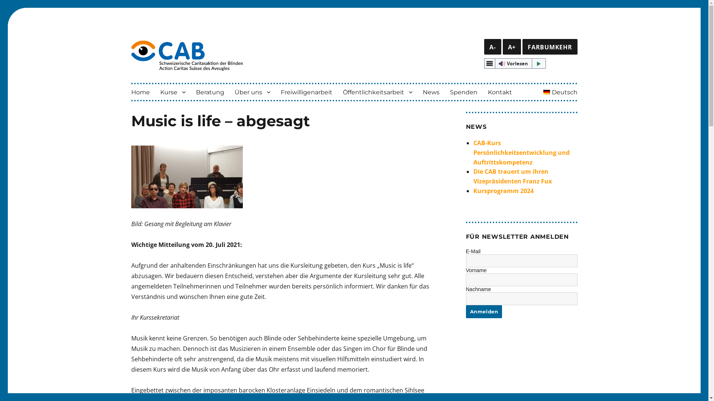 The width and height of the screenshot is (714, 401). I want to click on 'FARBUMKEHR', so click(522, 47).